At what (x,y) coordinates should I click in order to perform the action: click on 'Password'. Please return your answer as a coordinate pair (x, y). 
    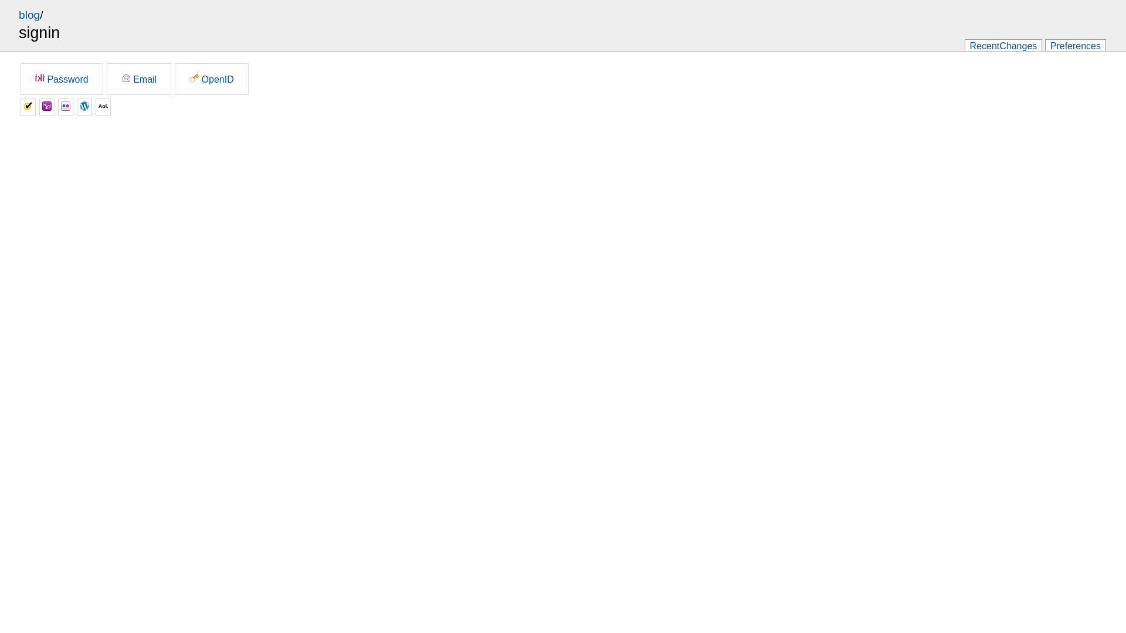
    Looking at the image, I should click on (61, 79).